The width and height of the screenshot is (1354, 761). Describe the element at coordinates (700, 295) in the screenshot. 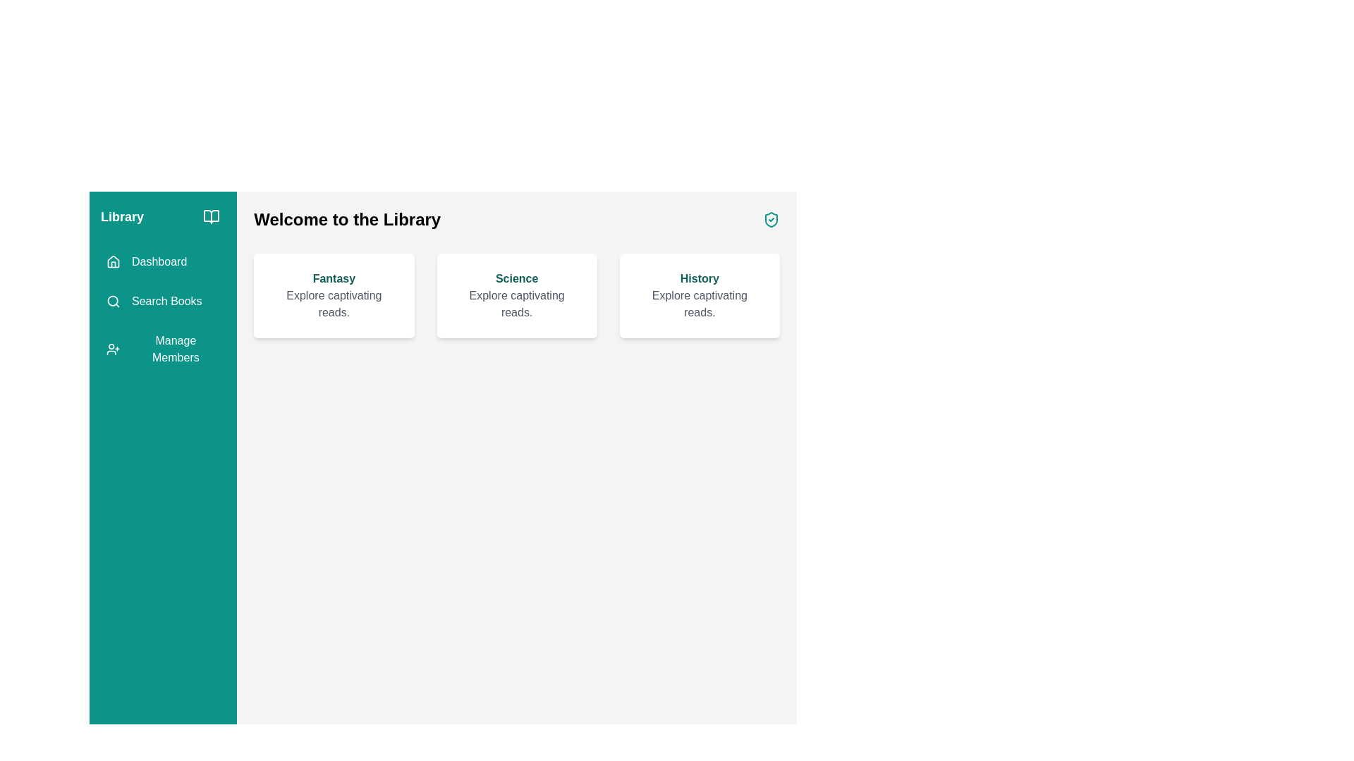

I see `the 'History' card, which is the third card in a horizontal row of three cards` at that location.